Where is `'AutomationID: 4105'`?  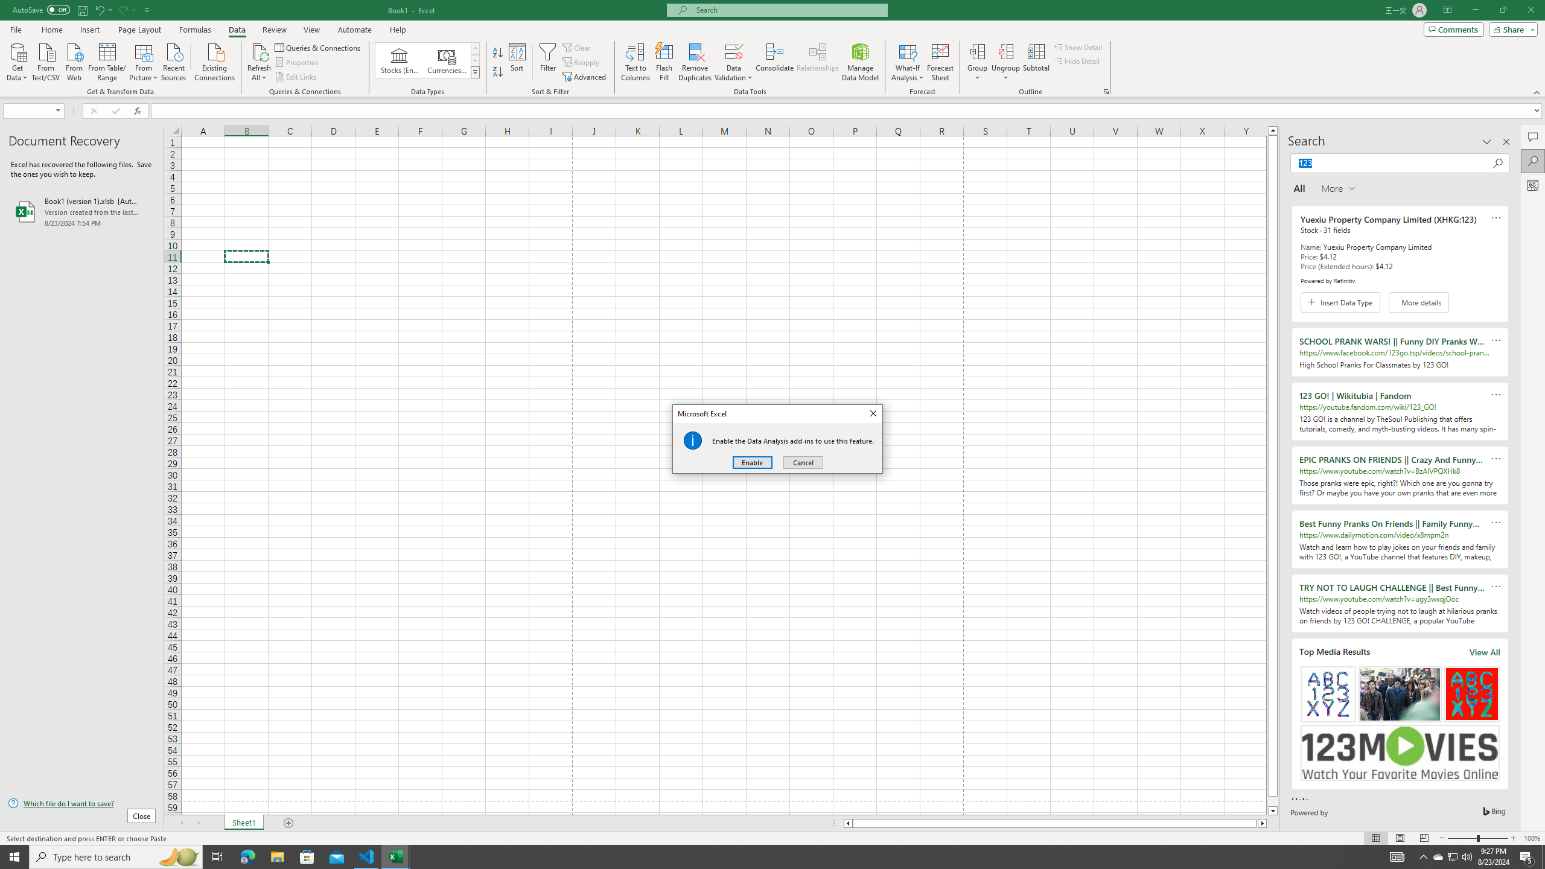
'AutomationID: 4105' is located at coordinates (1397, 856).